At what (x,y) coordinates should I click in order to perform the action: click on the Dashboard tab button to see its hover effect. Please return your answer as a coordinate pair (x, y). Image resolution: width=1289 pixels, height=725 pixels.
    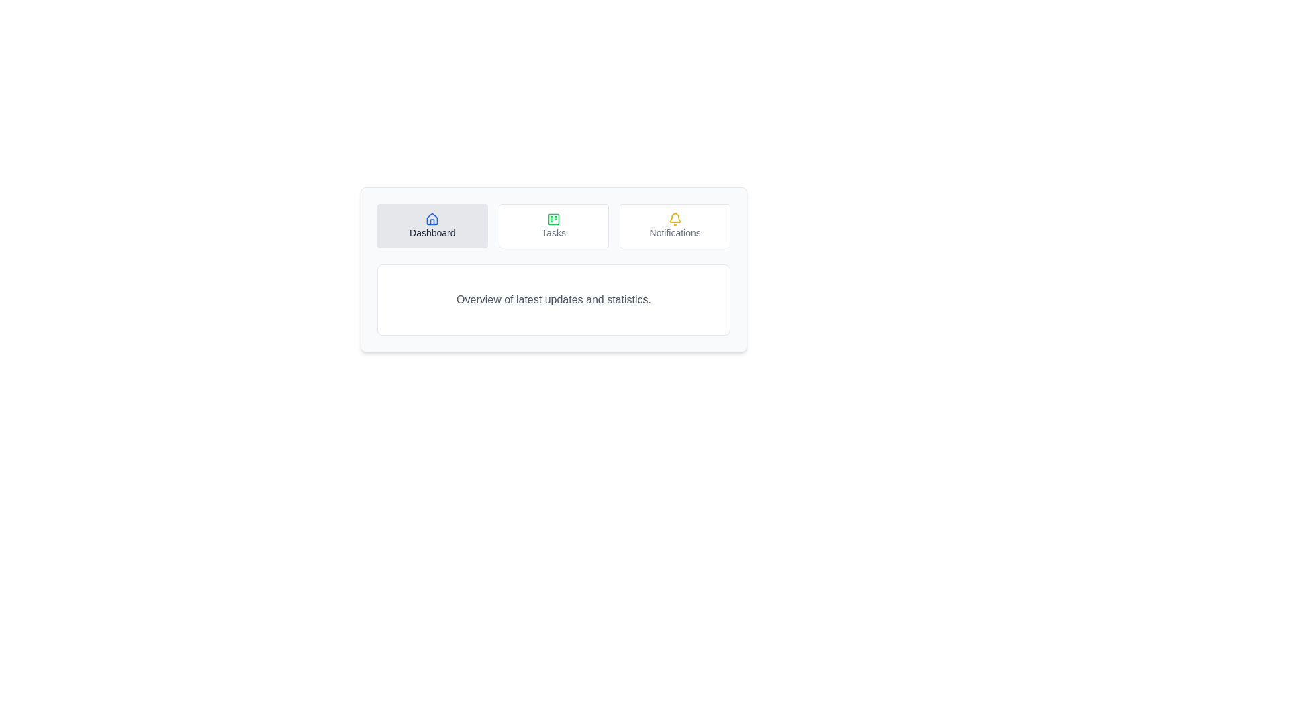
    Looking at the image, I should click on (432, 225).